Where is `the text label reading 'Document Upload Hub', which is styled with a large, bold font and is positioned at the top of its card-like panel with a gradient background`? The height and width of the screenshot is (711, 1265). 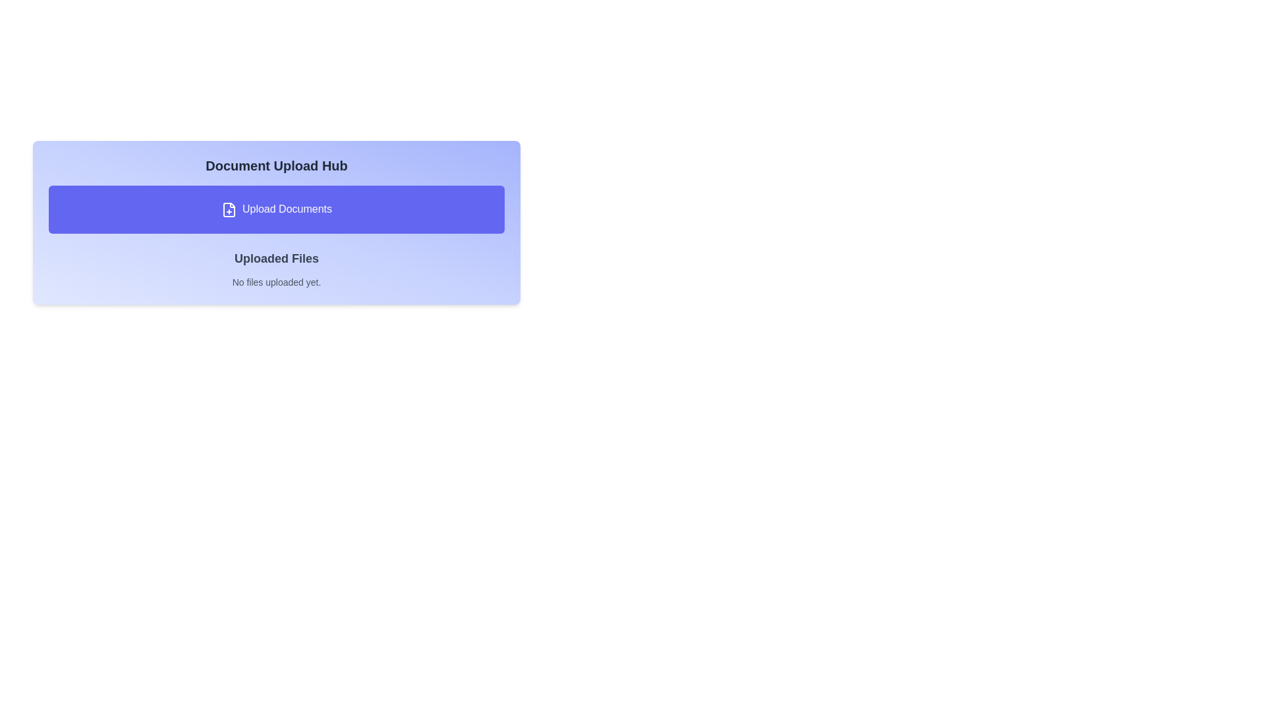
the text label reading 'Document Upload Hub', which is styled with a large, bold font and is positioned at the top of its card-like panel with a gradient background is located at coordinates (276, 165).